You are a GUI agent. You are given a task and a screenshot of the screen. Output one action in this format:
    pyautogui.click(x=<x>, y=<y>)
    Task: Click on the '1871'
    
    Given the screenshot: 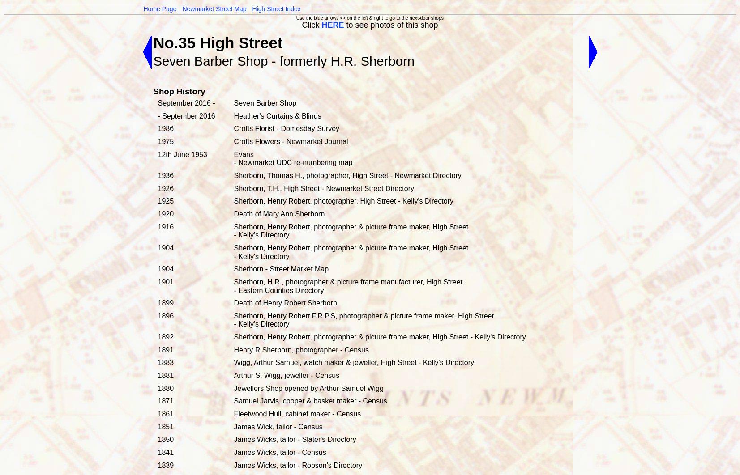 What is the action you would take?
    pyautogui.click(x=157, y=400)
    